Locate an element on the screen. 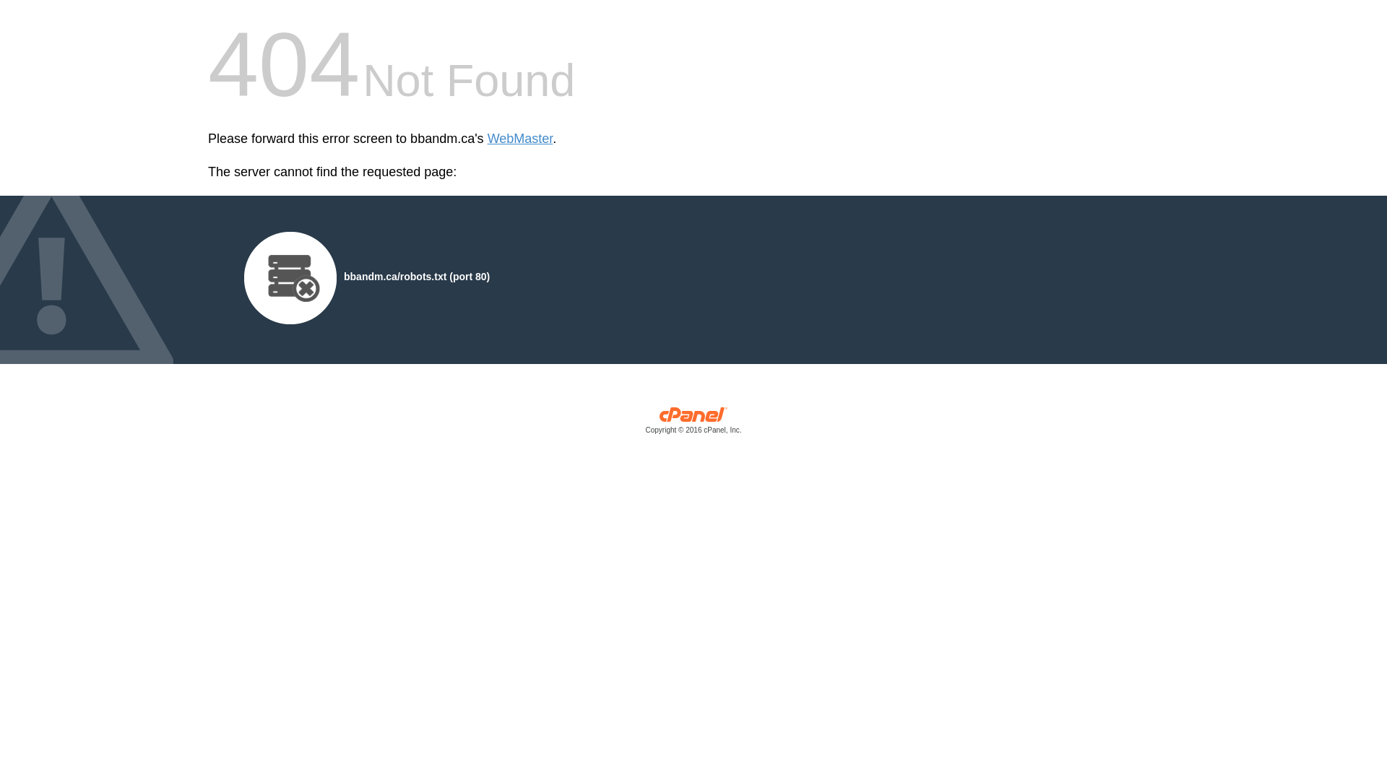 This screenshot has width=1387, height=780. 'WebMaster' is located at coordinates (520, 139).